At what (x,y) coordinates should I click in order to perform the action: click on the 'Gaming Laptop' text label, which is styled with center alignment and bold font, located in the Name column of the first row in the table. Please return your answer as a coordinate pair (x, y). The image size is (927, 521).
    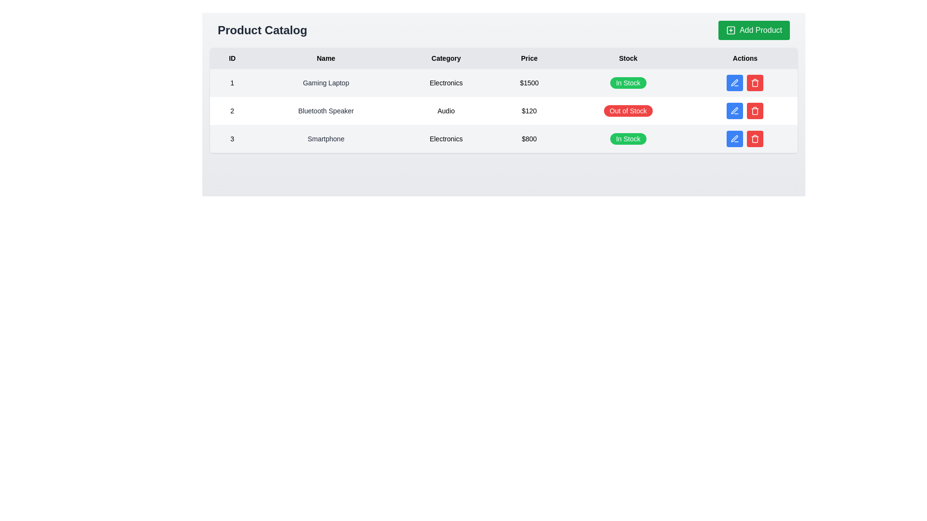
    Looking at the image, I should click on (326, 82).